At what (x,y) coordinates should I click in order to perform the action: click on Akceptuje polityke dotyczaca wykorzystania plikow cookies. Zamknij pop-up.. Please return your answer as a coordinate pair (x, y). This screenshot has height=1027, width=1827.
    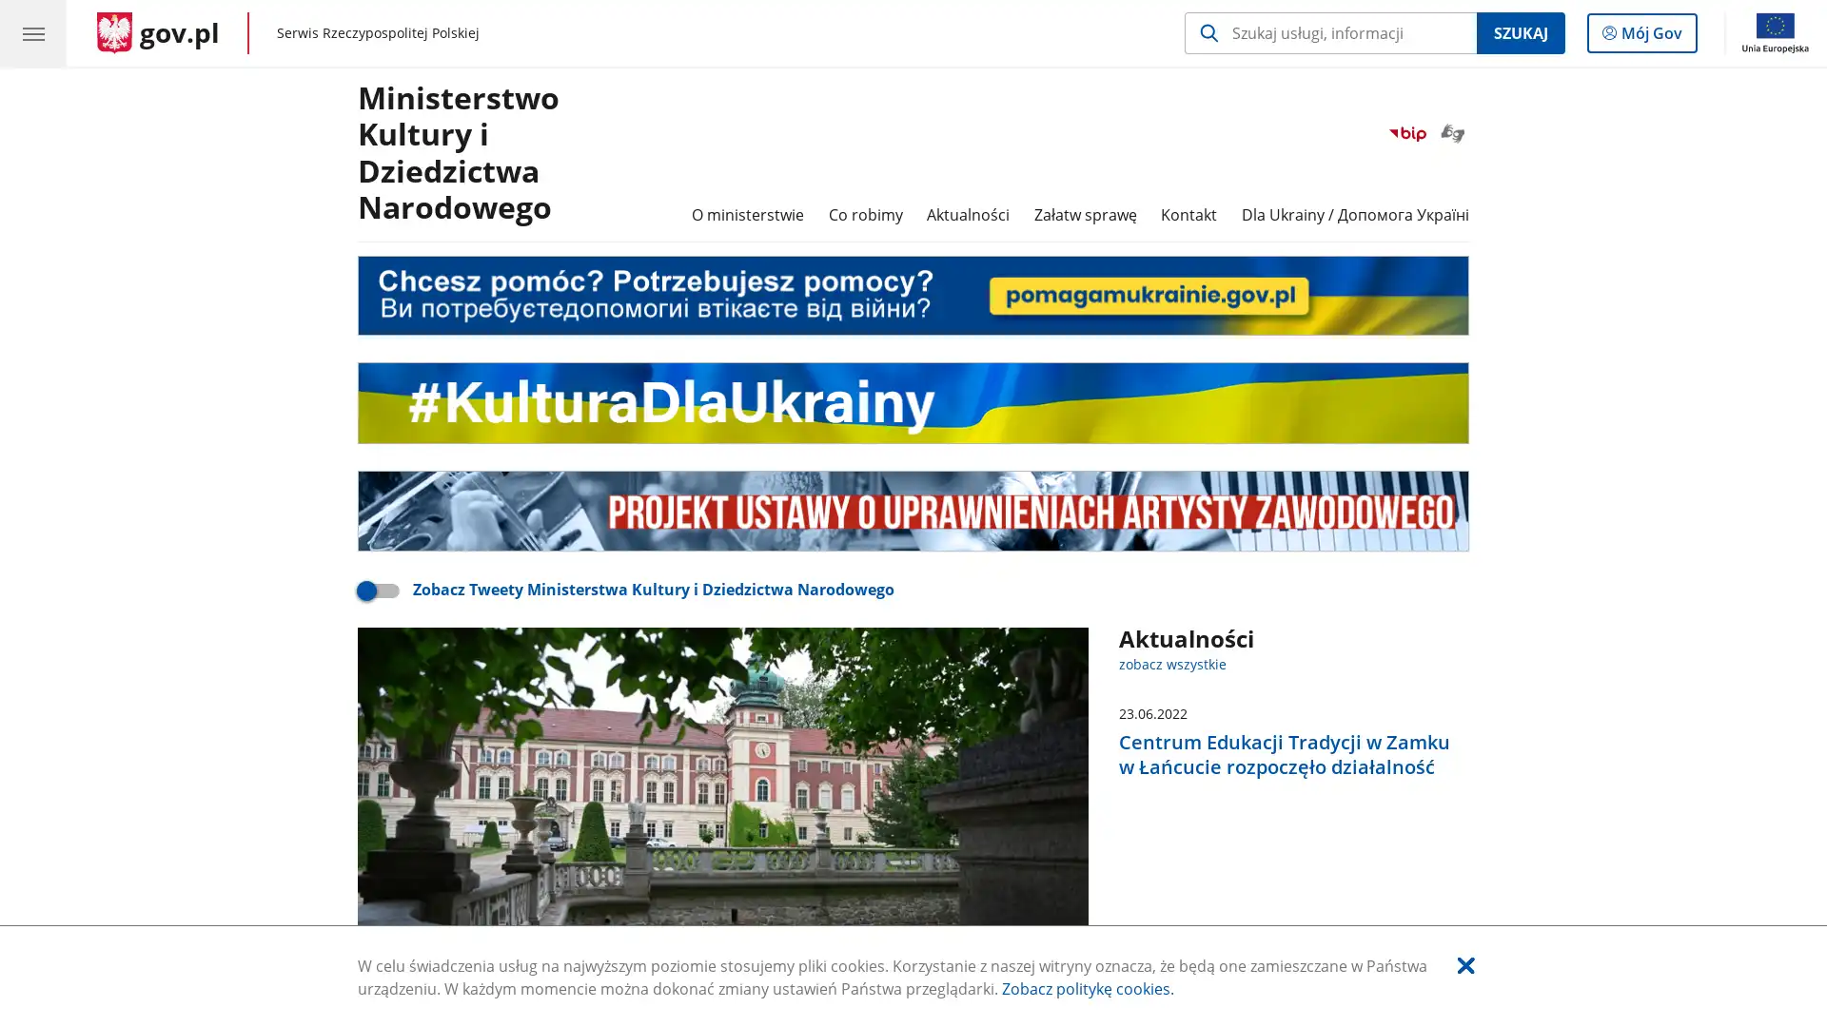
    Looking at the image, I should click on (1464, 964).